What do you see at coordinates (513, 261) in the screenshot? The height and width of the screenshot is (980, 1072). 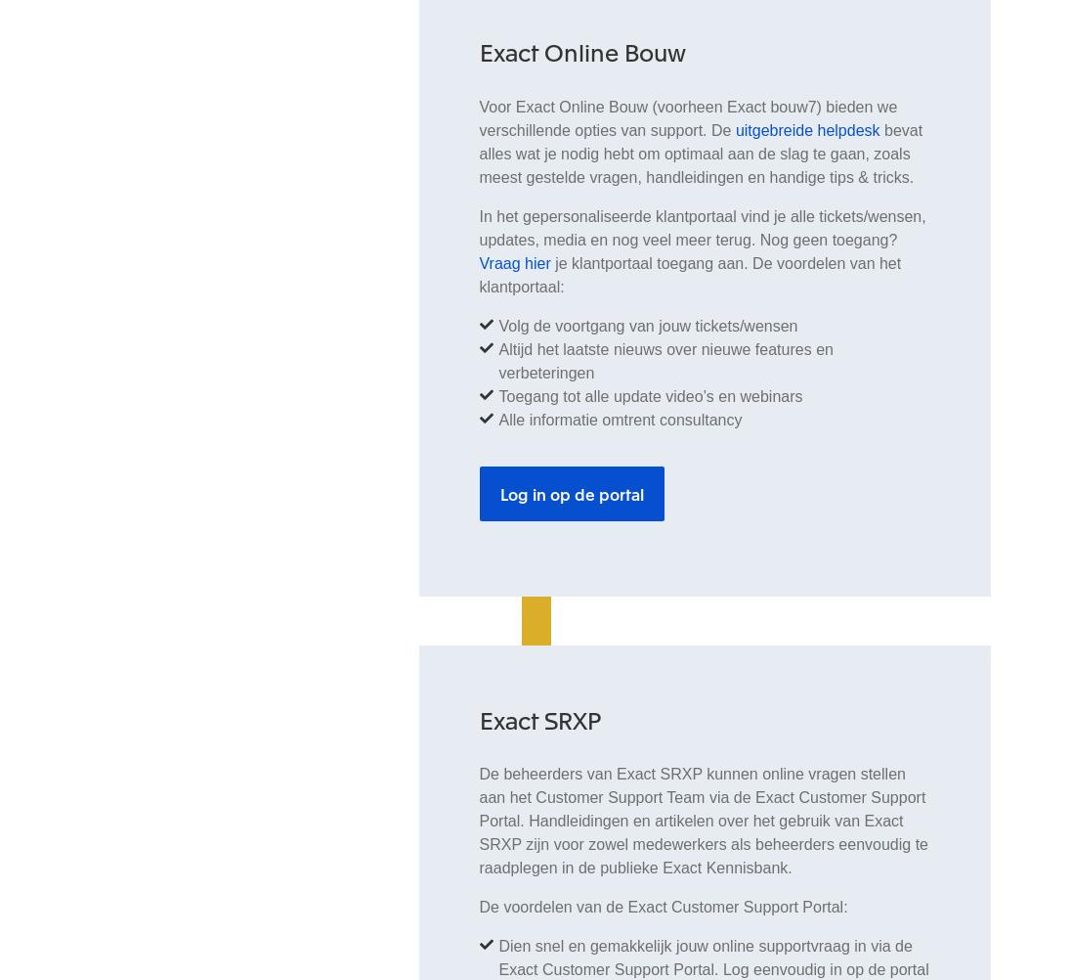 I see `'Vraag hier'` at bounding box center [513, 261].